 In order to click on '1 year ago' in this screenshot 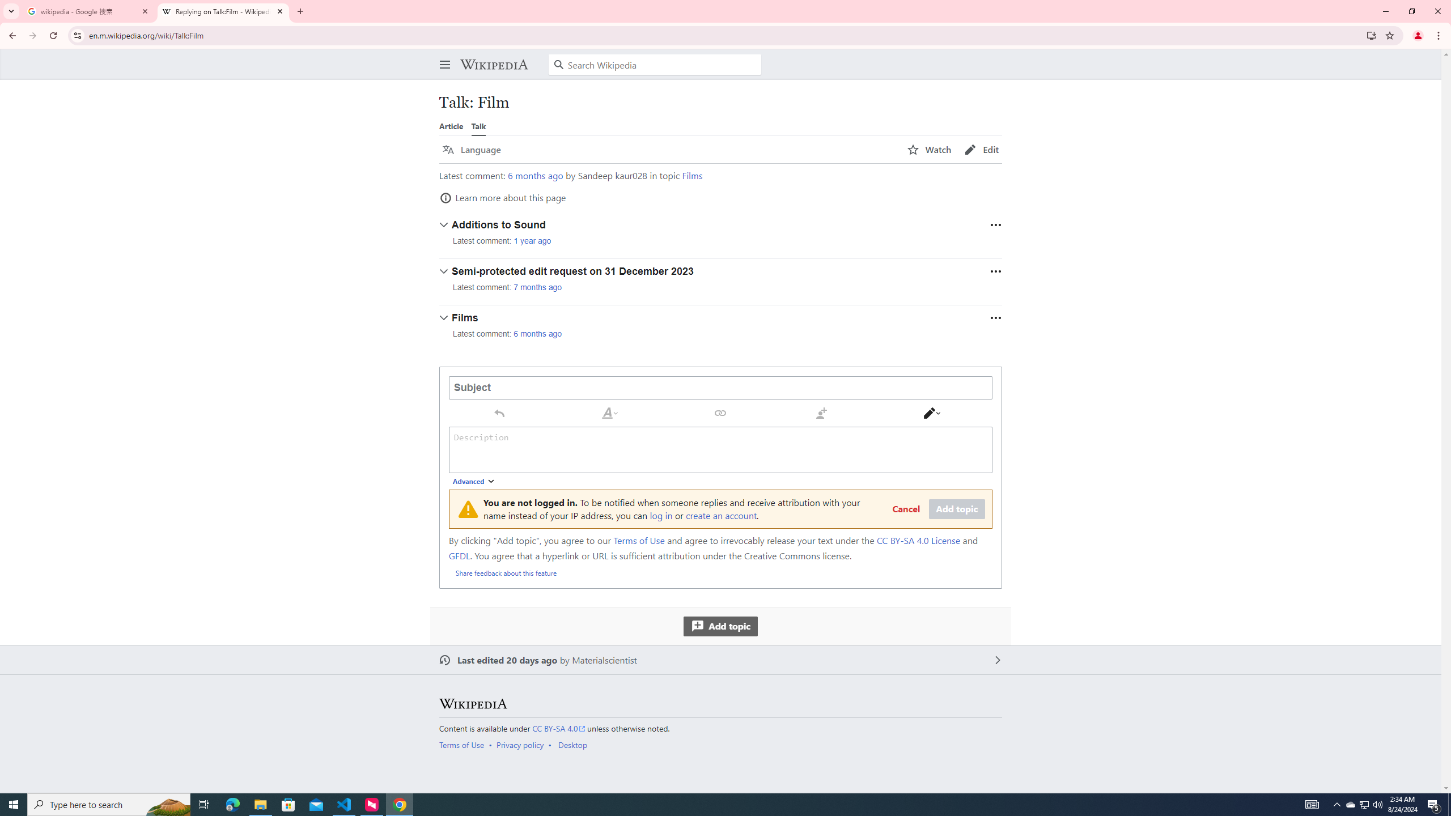, I will do `click(532, 241)`.